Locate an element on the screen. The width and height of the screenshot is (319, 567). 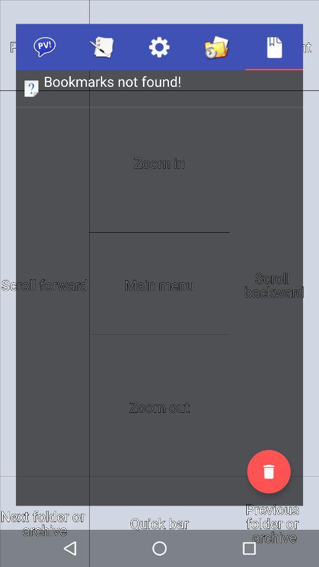
the delete icon is located at coordinates (269, 471).